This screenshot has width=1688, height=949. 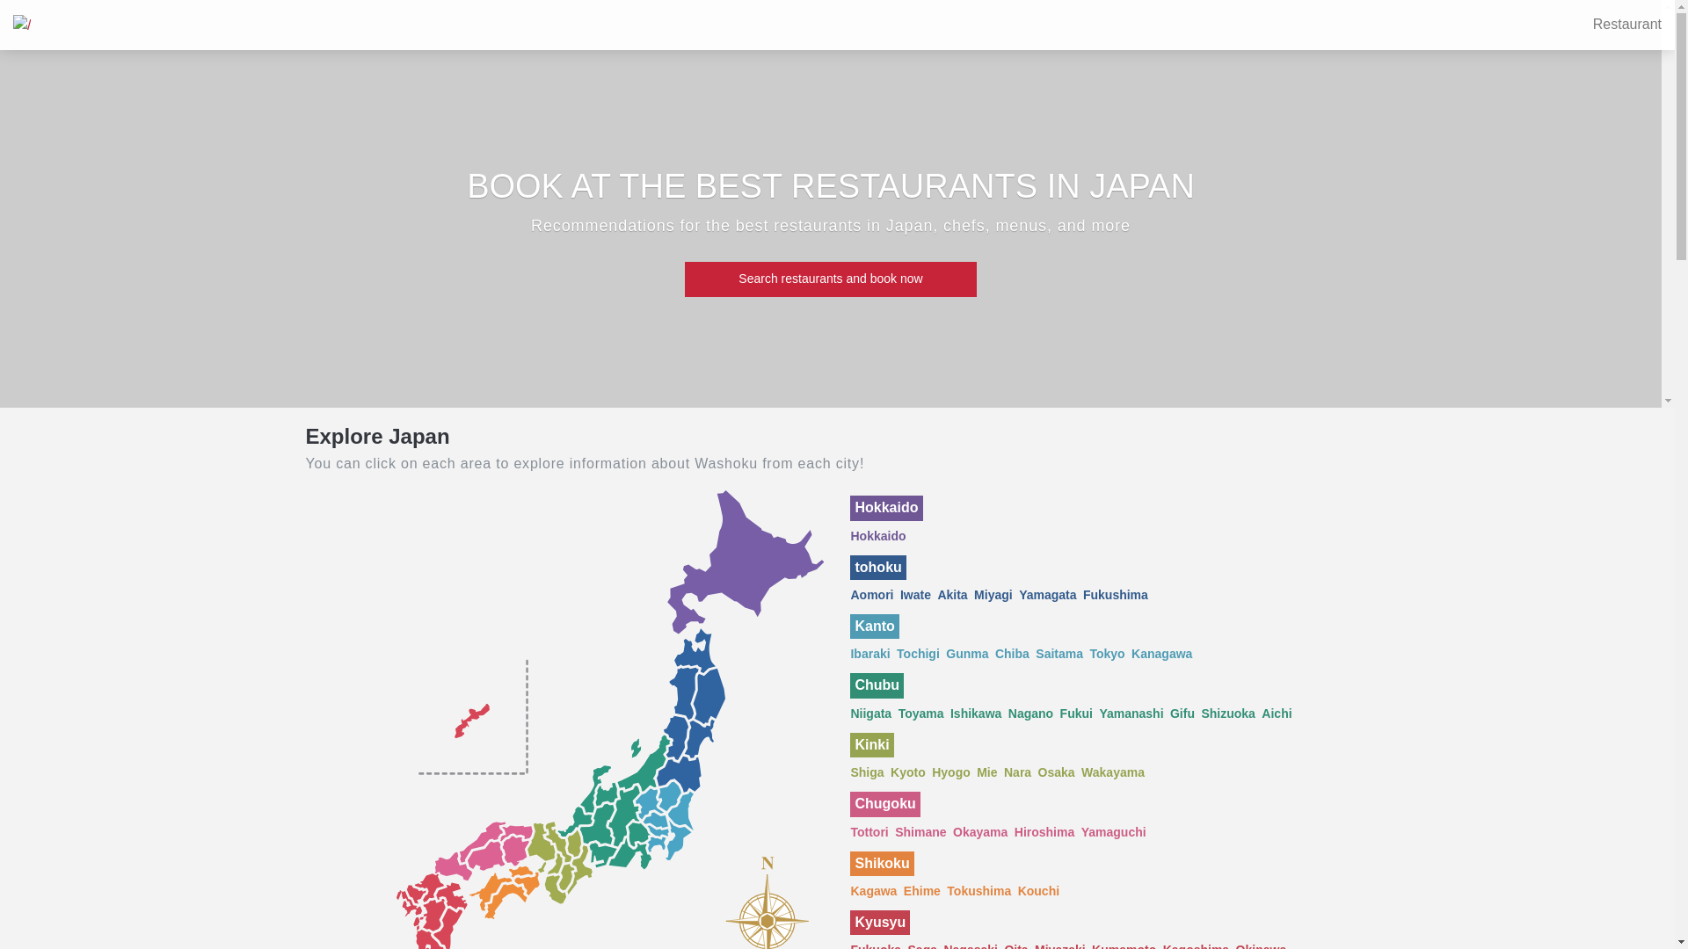 What do you see at coordinates (1080, 831) in the screenshot?
I see `'Yamaguchi'` at bounding box center [1080, 831].